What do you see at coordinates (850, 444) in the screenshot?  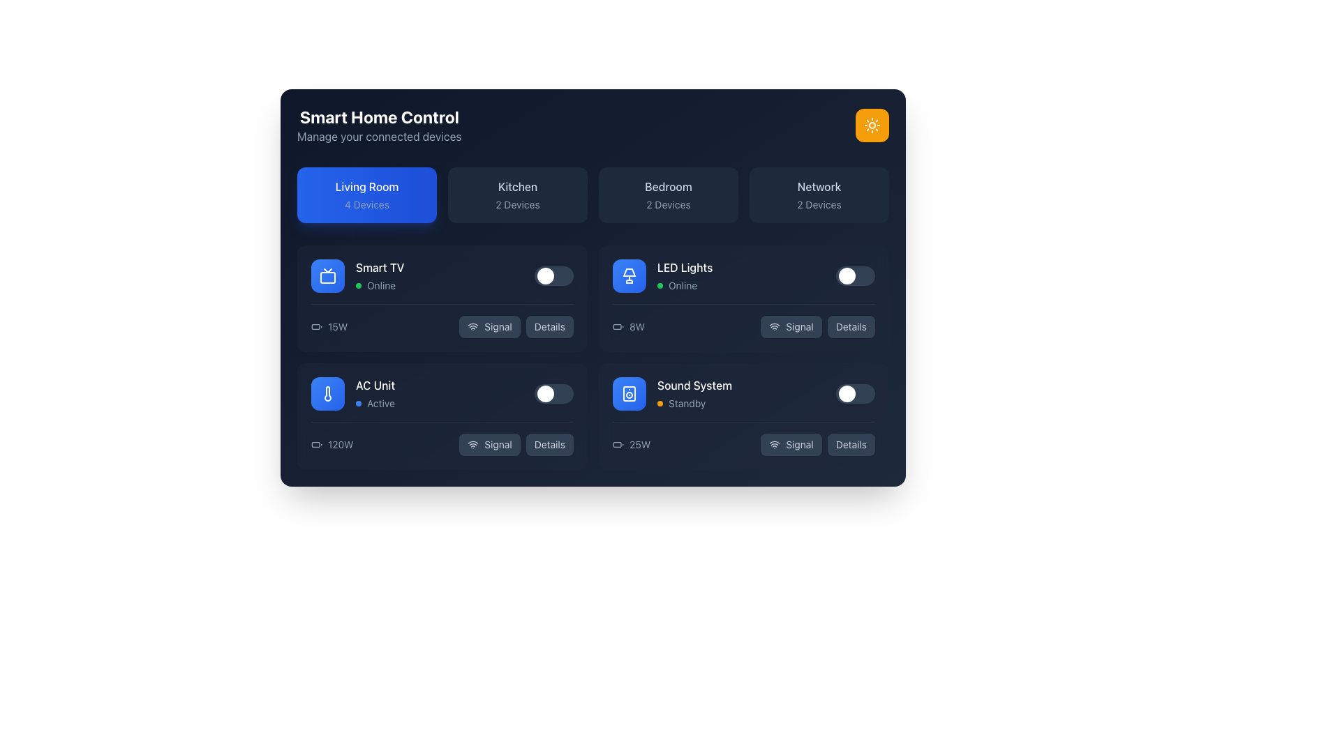 I see `the 'Details' button, which is a rectangular button with rounded corners, dark blue background, and white text, located near the bottom-right corner of the 'Sound System' section` at bounding box center [850, 444].